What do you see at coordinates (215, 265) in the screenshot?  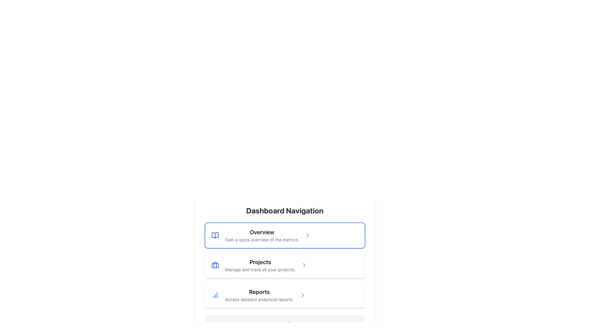 I see `the blue briefcase icon with rounded corners located under the 'Projects' option in the 'Dashboard Navigation' section` at bounding box center [215, 265].